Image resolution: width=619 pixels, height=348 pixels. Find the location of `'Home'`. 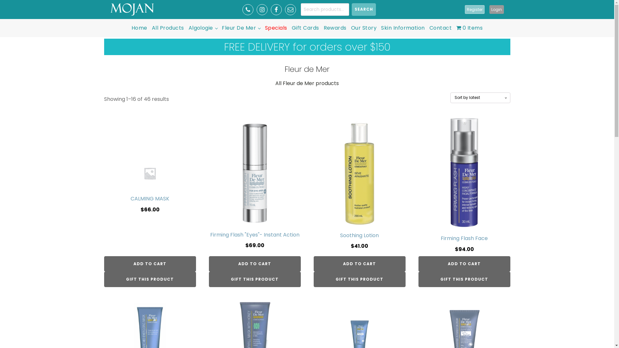

'Home' is located at coordinates (139, 28).